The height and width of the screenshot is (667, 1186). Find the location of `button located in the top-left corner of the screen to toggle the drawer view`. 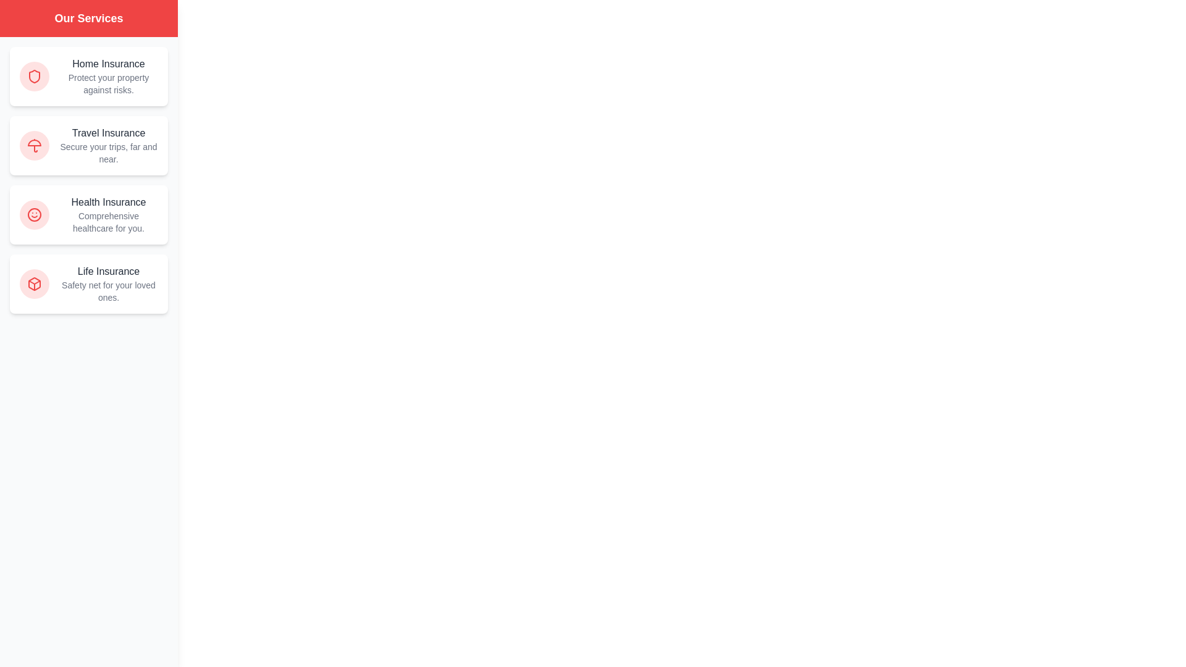

button located in the top-left corner of the screen to toggle the drawer view is located at coordinates (24, 24).